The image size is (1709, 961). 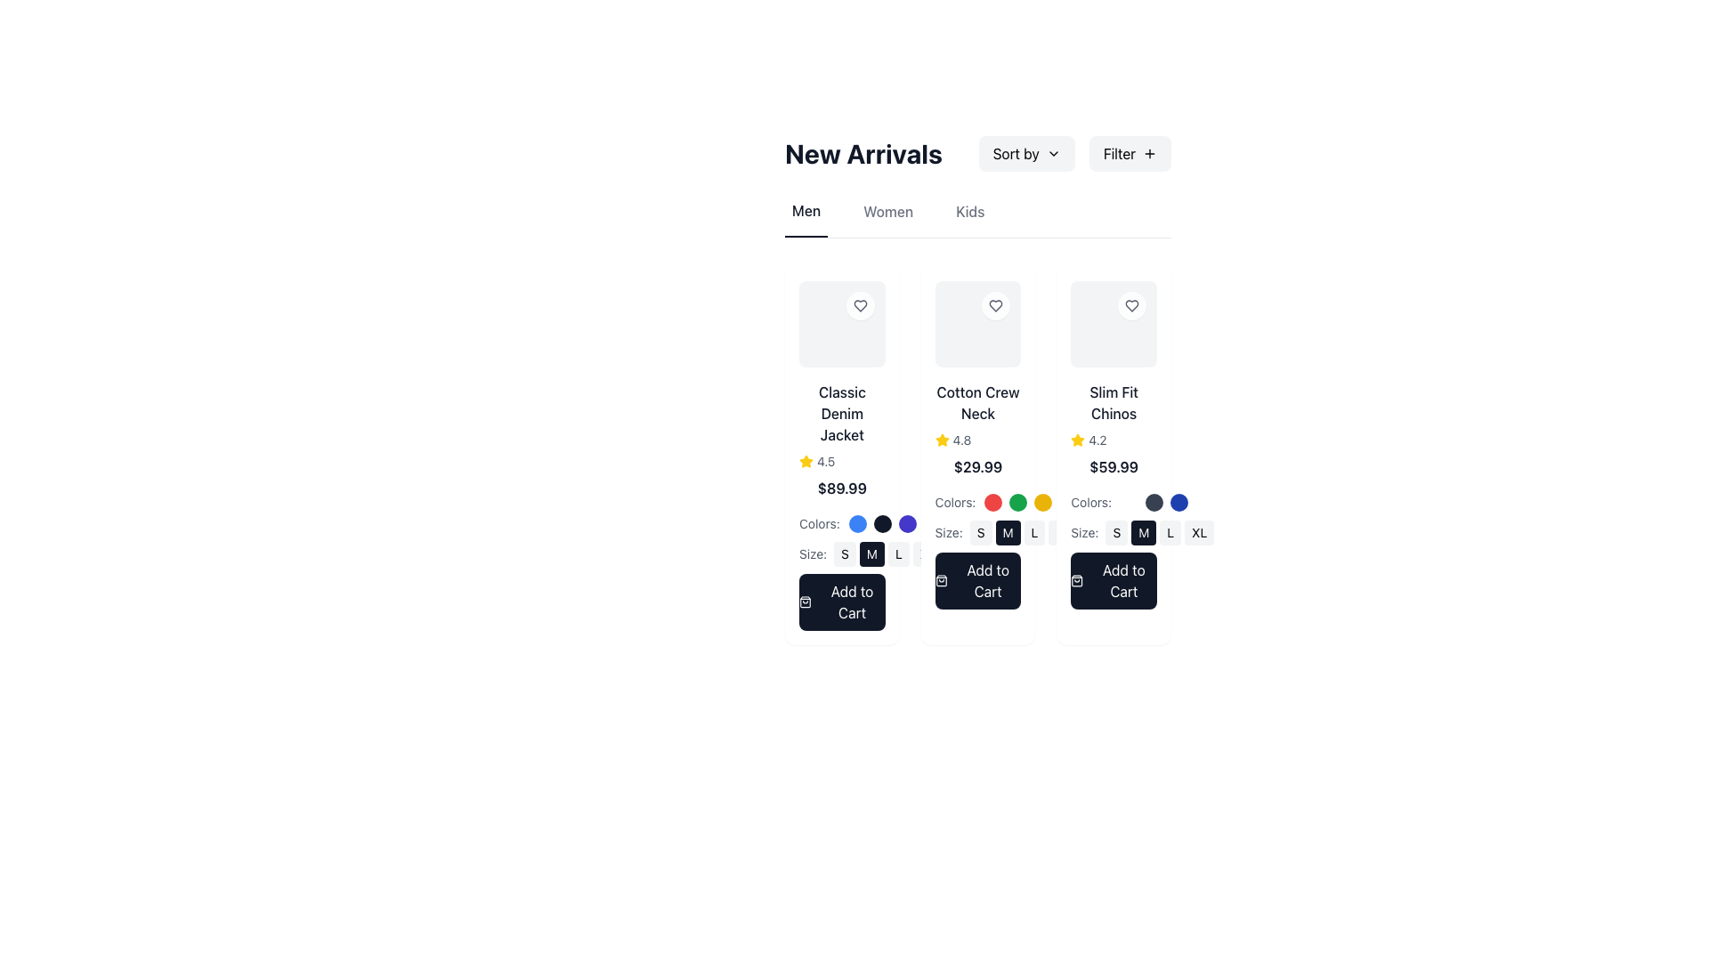 I want to click on the decorative star icon representing the product rating located in the second card of the 'New Arrivals' section, positioned to the left of the text '4.8', so click(x=941, y=440).